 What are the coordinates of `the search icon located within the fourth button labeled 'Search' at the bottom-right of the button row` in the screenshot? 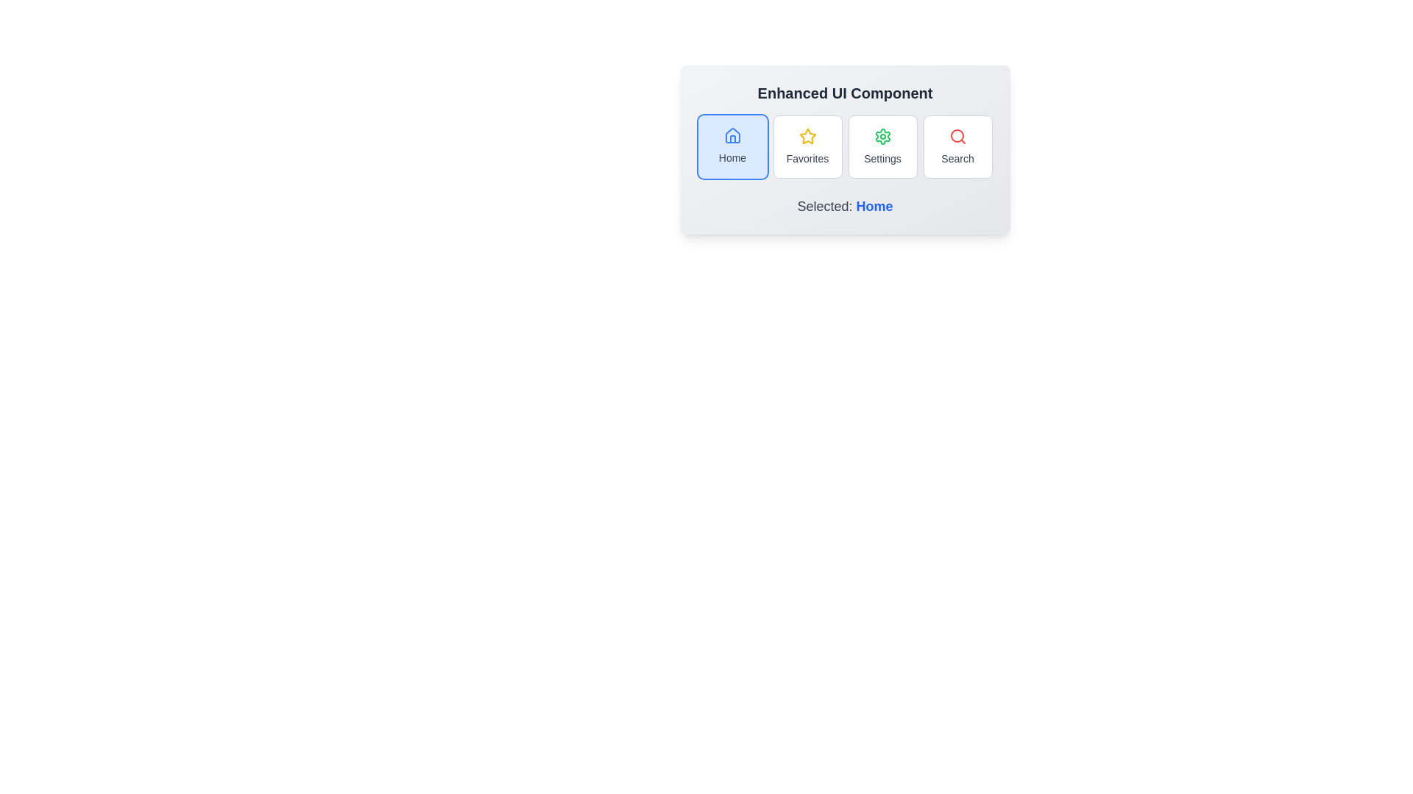 It's located at (957, 136).